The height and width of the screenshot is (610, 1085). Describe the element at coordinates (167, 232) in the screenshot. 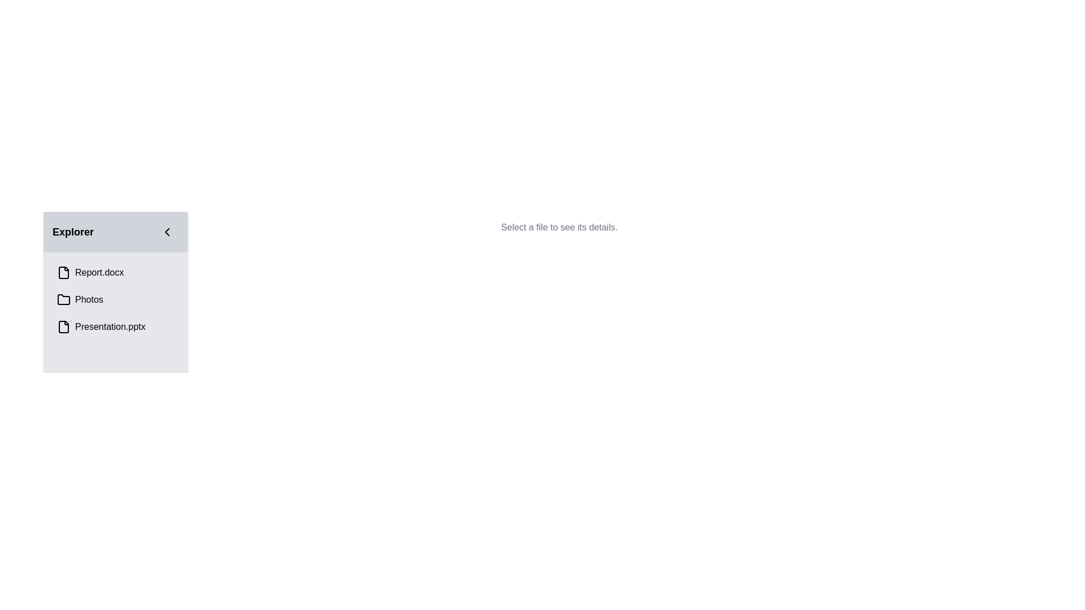

I see `the navigation icon located in the top section of the left sidebar beside the 'Explorer' label` at that location.